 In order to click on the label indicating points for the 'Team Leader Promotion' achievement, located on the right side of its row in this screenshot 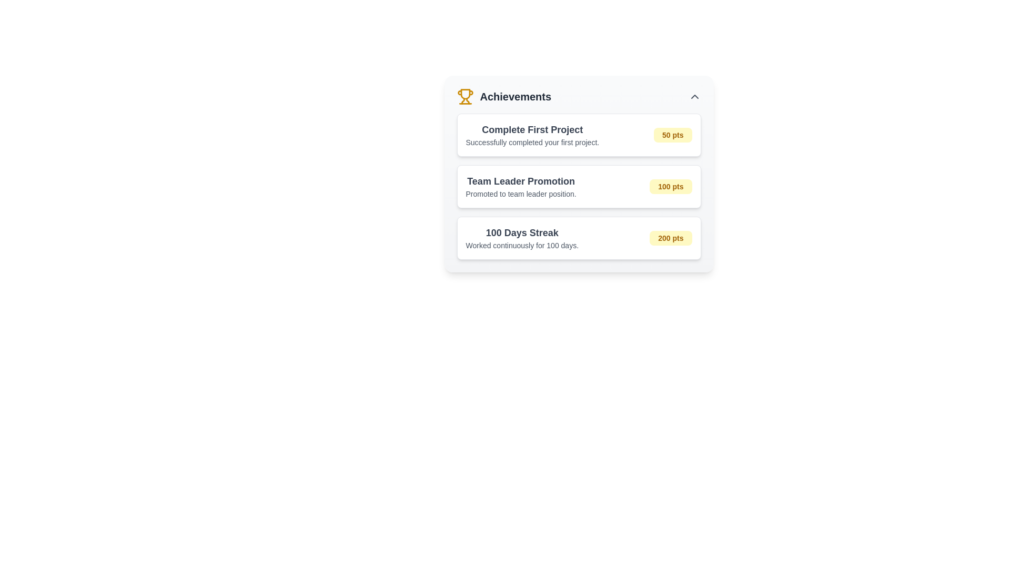, I will do `click(670, 186)`.